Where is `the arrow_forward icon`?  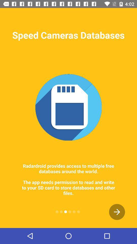 the arrow_forward icon is located at coordinates (117, 212).